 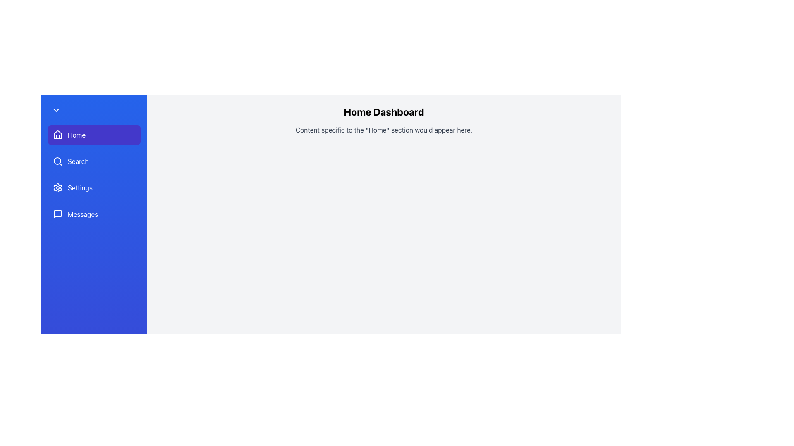 What do you see at coordinates (383, 130) in the screenshot?
I see `the descriptive text placeholder for the 'Home' section located below the 'Home Dashboard' text to interact with it, provided it is enabled` at bounding box center [383, 130].